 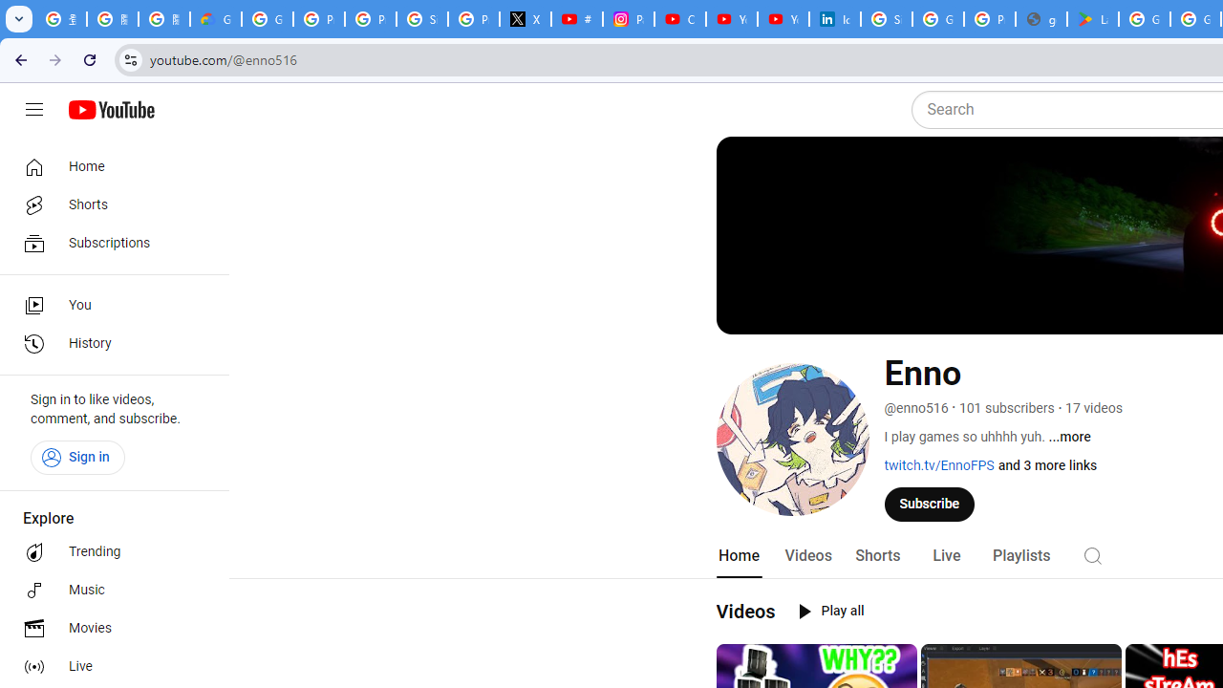 I want to click on 'Google Cloud Privacy Notice', so click(x=215, y=19).